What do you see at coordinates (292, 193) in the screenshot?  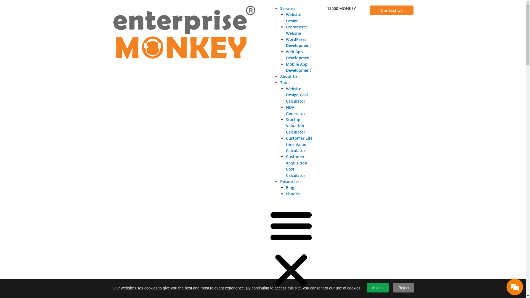 I see `'Ebooks'` at bounding box center [292, 193].